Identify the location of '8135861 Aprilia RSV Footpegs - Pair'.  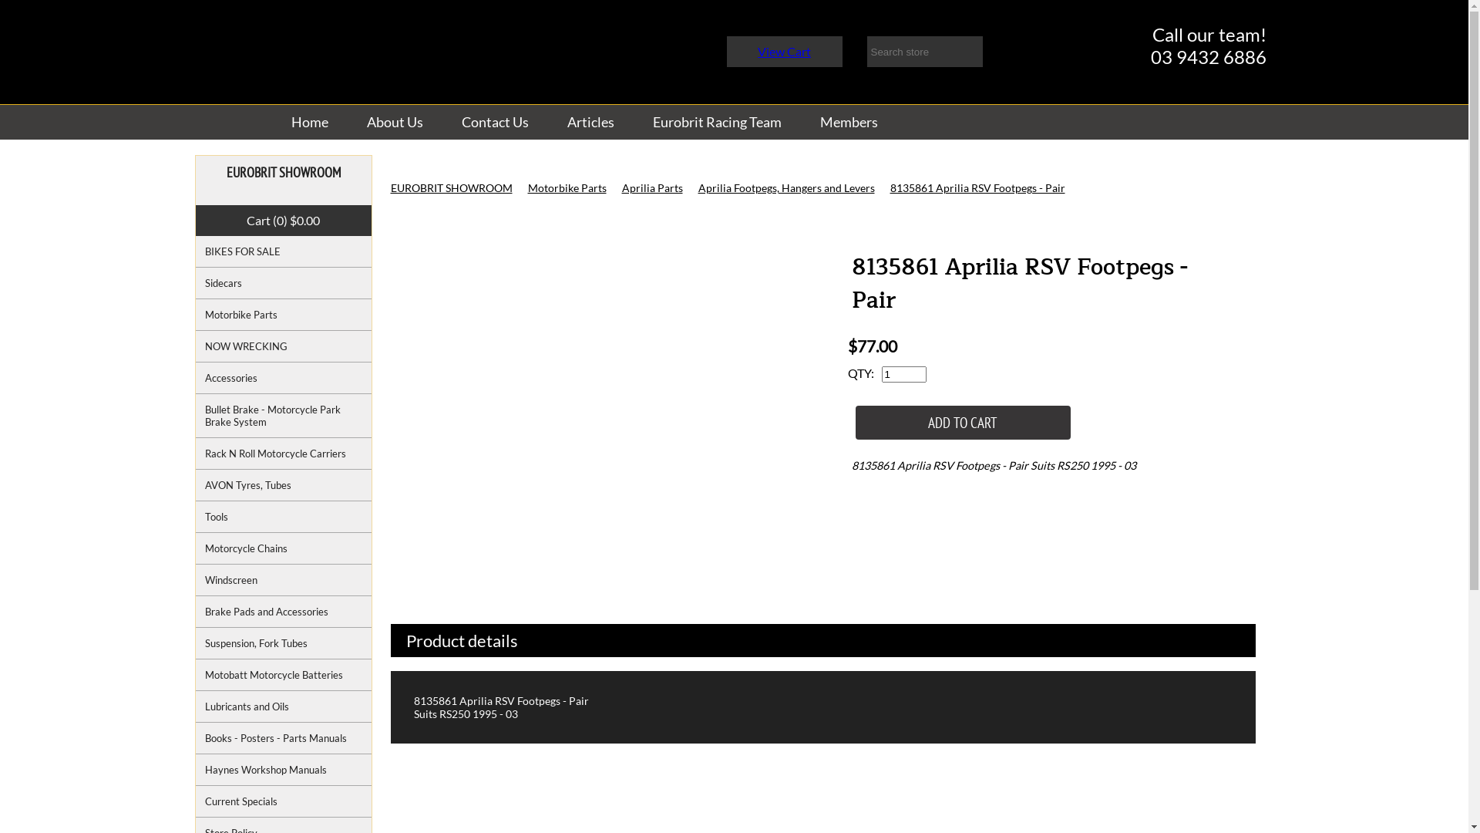
(604, 388).